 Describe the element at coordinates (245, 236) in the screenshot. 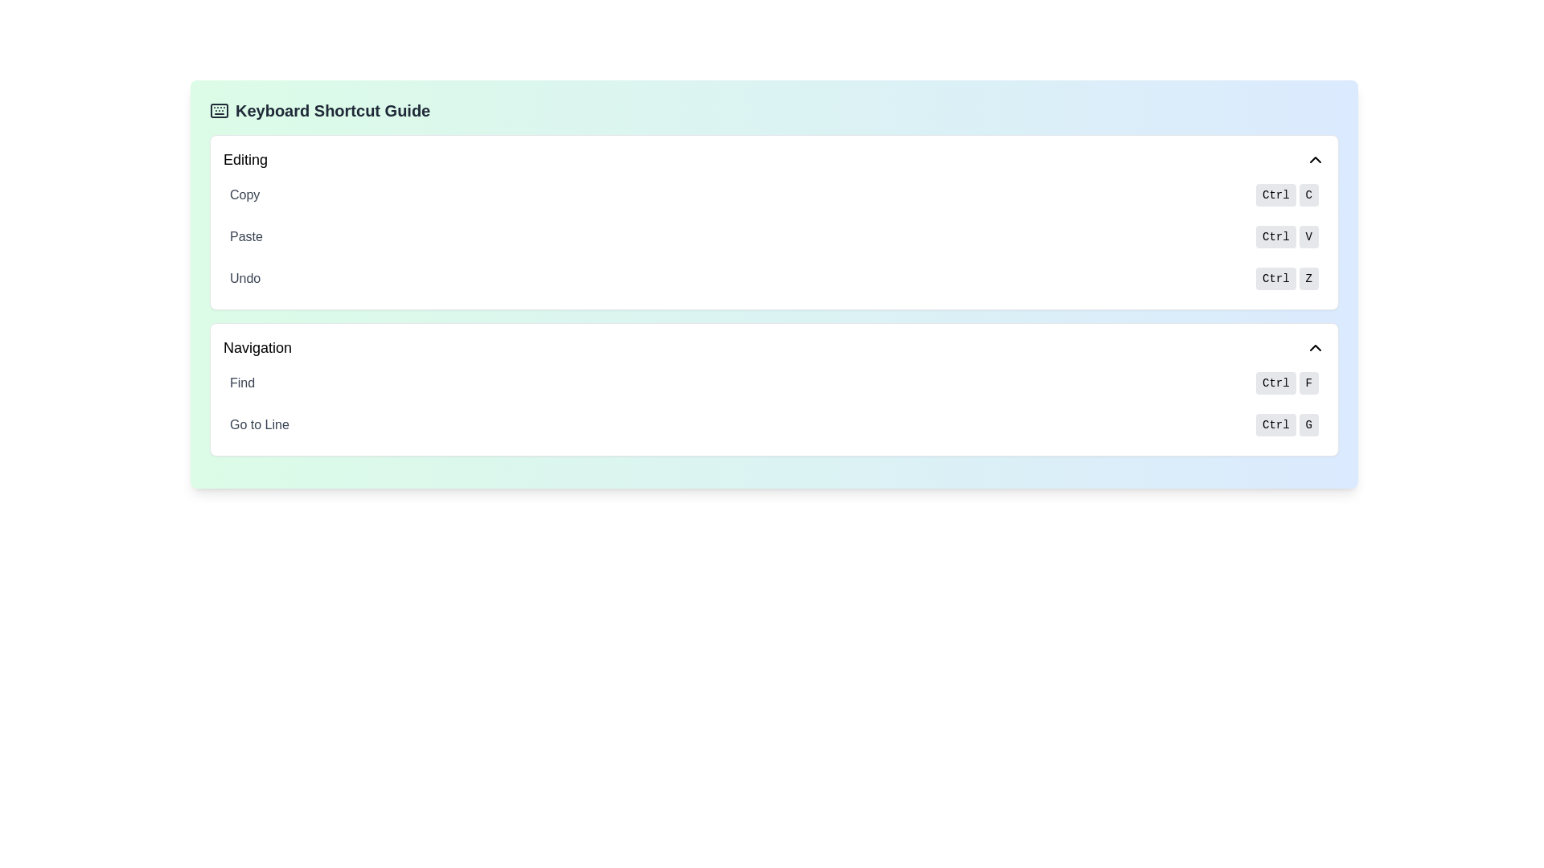

I see `text of the 'Paste' label in the Editing section, which indicates the action related to the keyboard shortcut 'Ctrl V'` at that location.